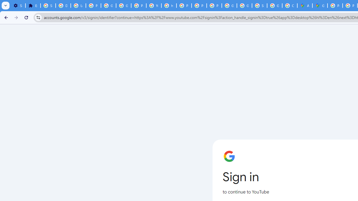  Describe the element at coordinates (184, 6) in the screenshot. I see `'Privacy Help Center - Policies Help'` at that location.